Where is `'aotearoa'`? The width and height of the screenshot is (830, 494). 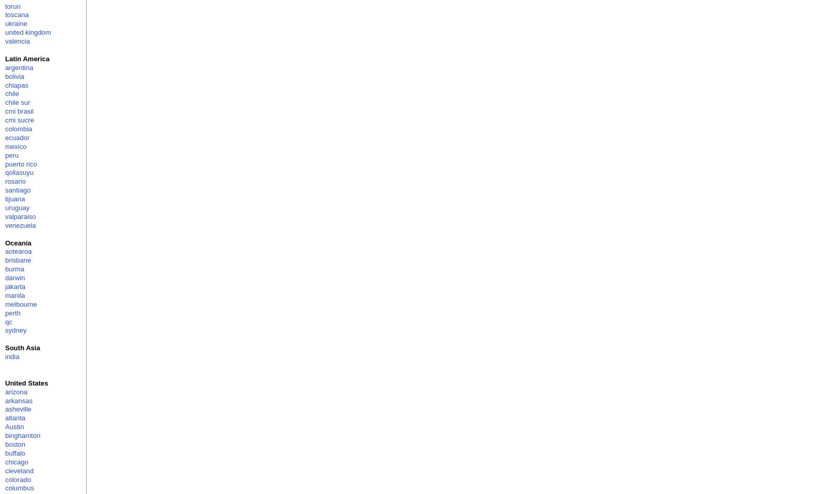 'aotearoa' is located at coordinates (5, 251).